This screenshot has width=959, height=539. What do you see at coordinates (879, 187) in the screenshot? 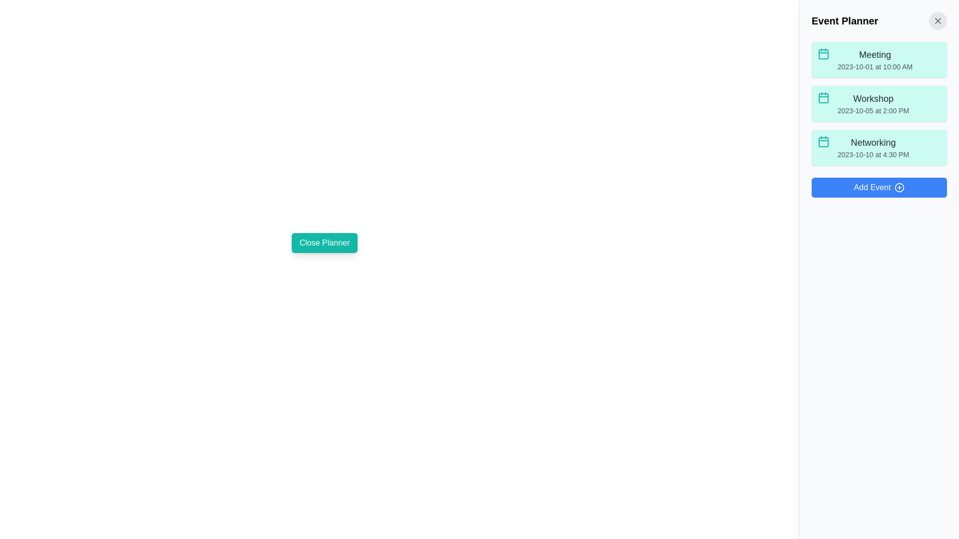
I see `the 'Add New Event' button located at the bottom of the right-hand side panel labeled 'Event Planner' to initiate adding a new event` at bounding box center [879, 187].